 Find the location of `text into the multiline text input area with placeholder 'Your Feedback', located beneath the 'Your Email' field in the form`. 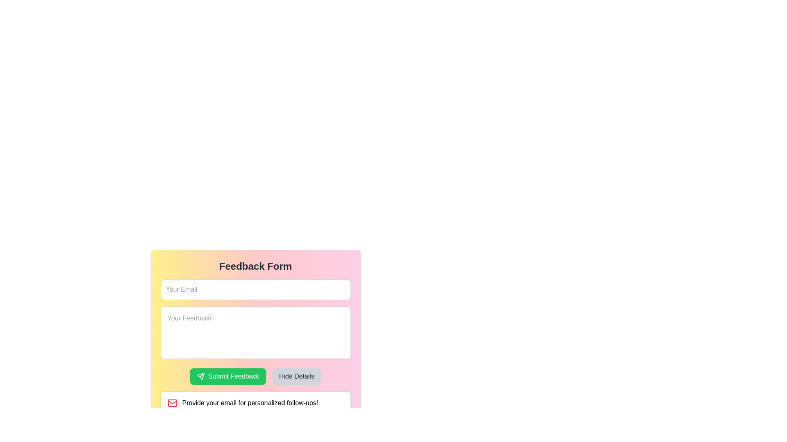

text into the multiline text input area with placeholder 'Your Feedback', located beneath the 'Your Email' field in the form is located at coordinates (255, 333).